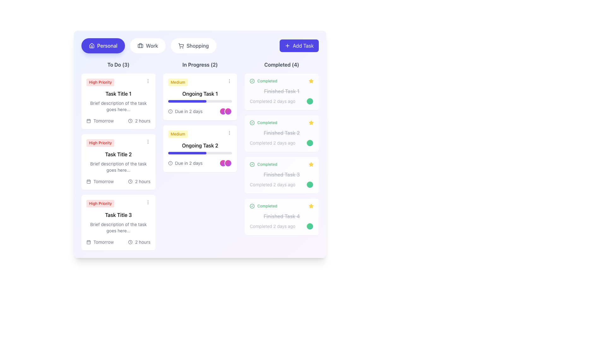  I want to click on the topmost List item card in the 'To Do (3)' column, so click(118, 101).